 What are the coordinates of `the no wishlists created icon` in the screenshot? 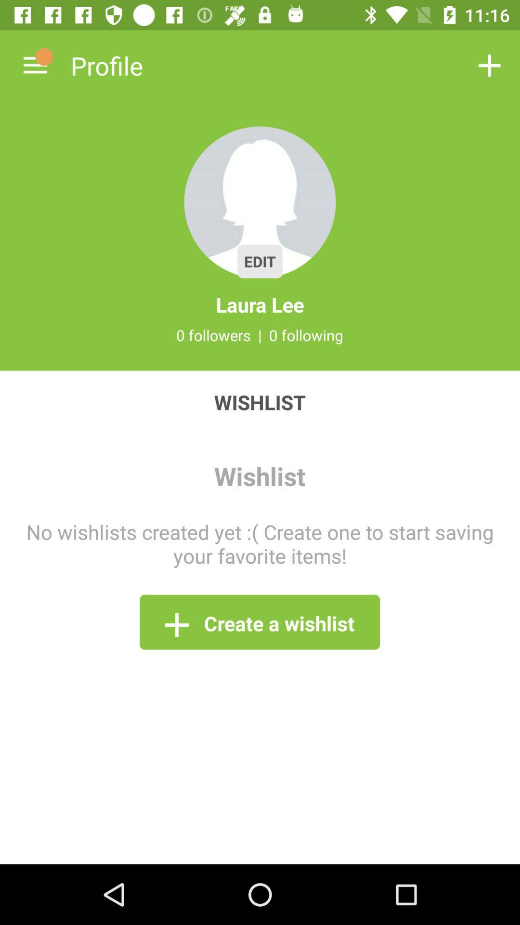 It's located at (260, 543).